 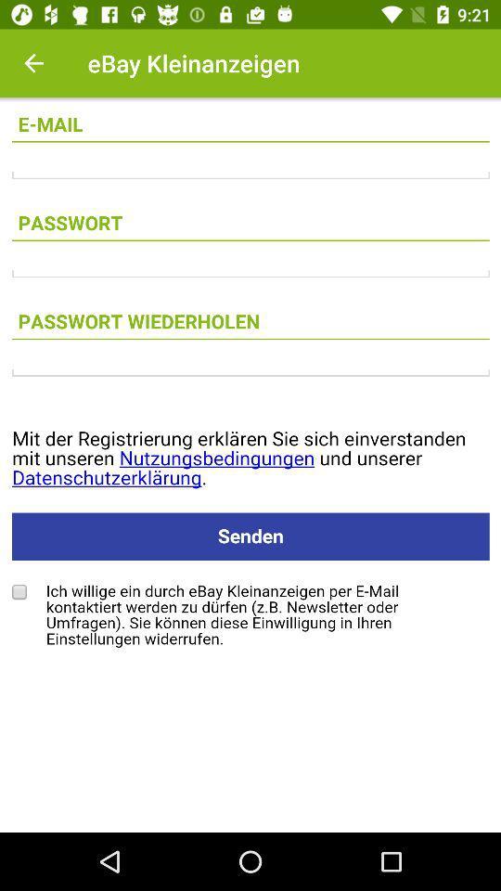 I want to click on goto back, so click(x=33, y=63).